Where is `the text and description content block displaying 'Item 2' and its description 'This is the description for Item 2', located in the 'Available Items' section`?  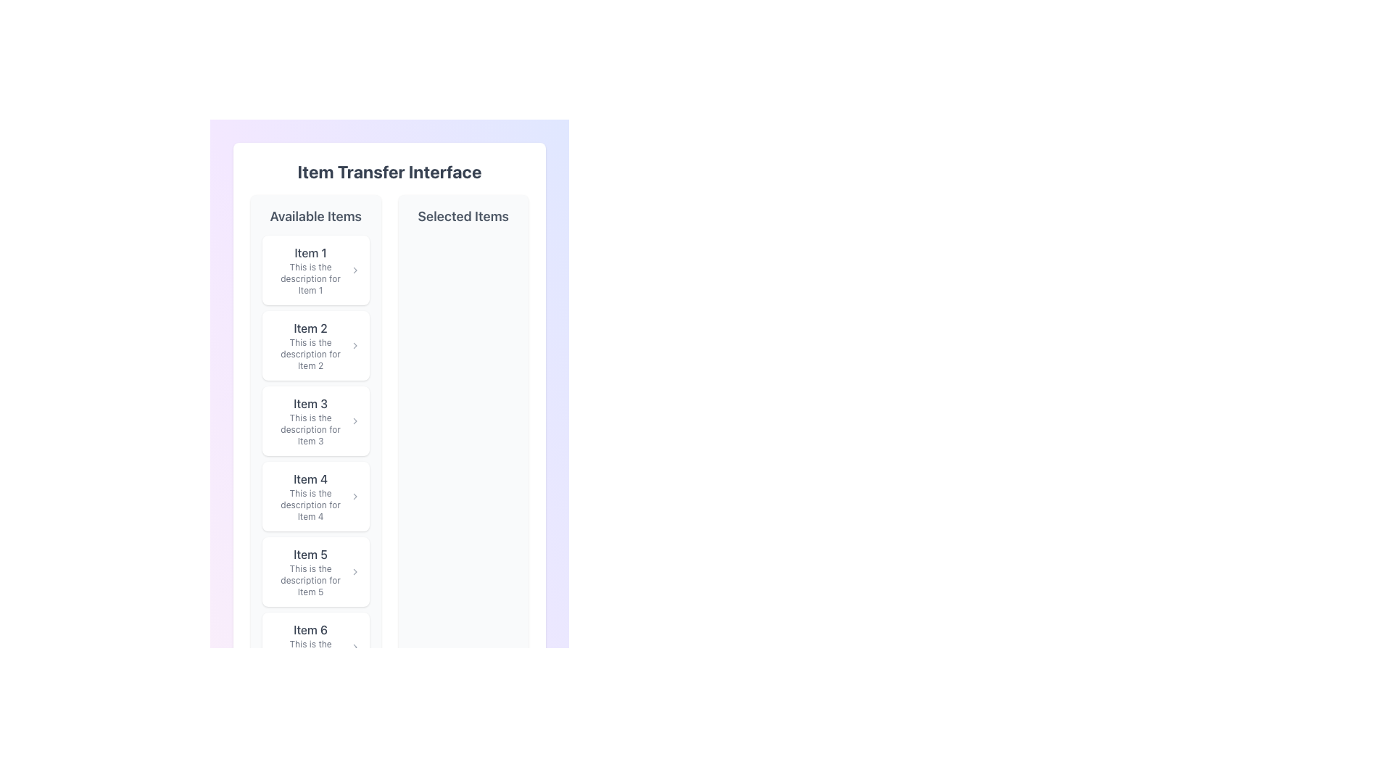 the text and description content block displaying 'Item 2' and its description 'This is the description for Item 2', located in the 'Available Items' section is located at coordinates (310, 346).